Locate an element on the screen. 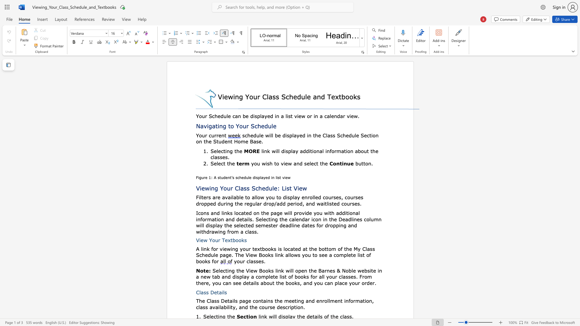 This screenshot has height=326, width=580. the subset text "ks is" within the text "A link for viewing your textbooks is" is located at coordinates (270, 249).